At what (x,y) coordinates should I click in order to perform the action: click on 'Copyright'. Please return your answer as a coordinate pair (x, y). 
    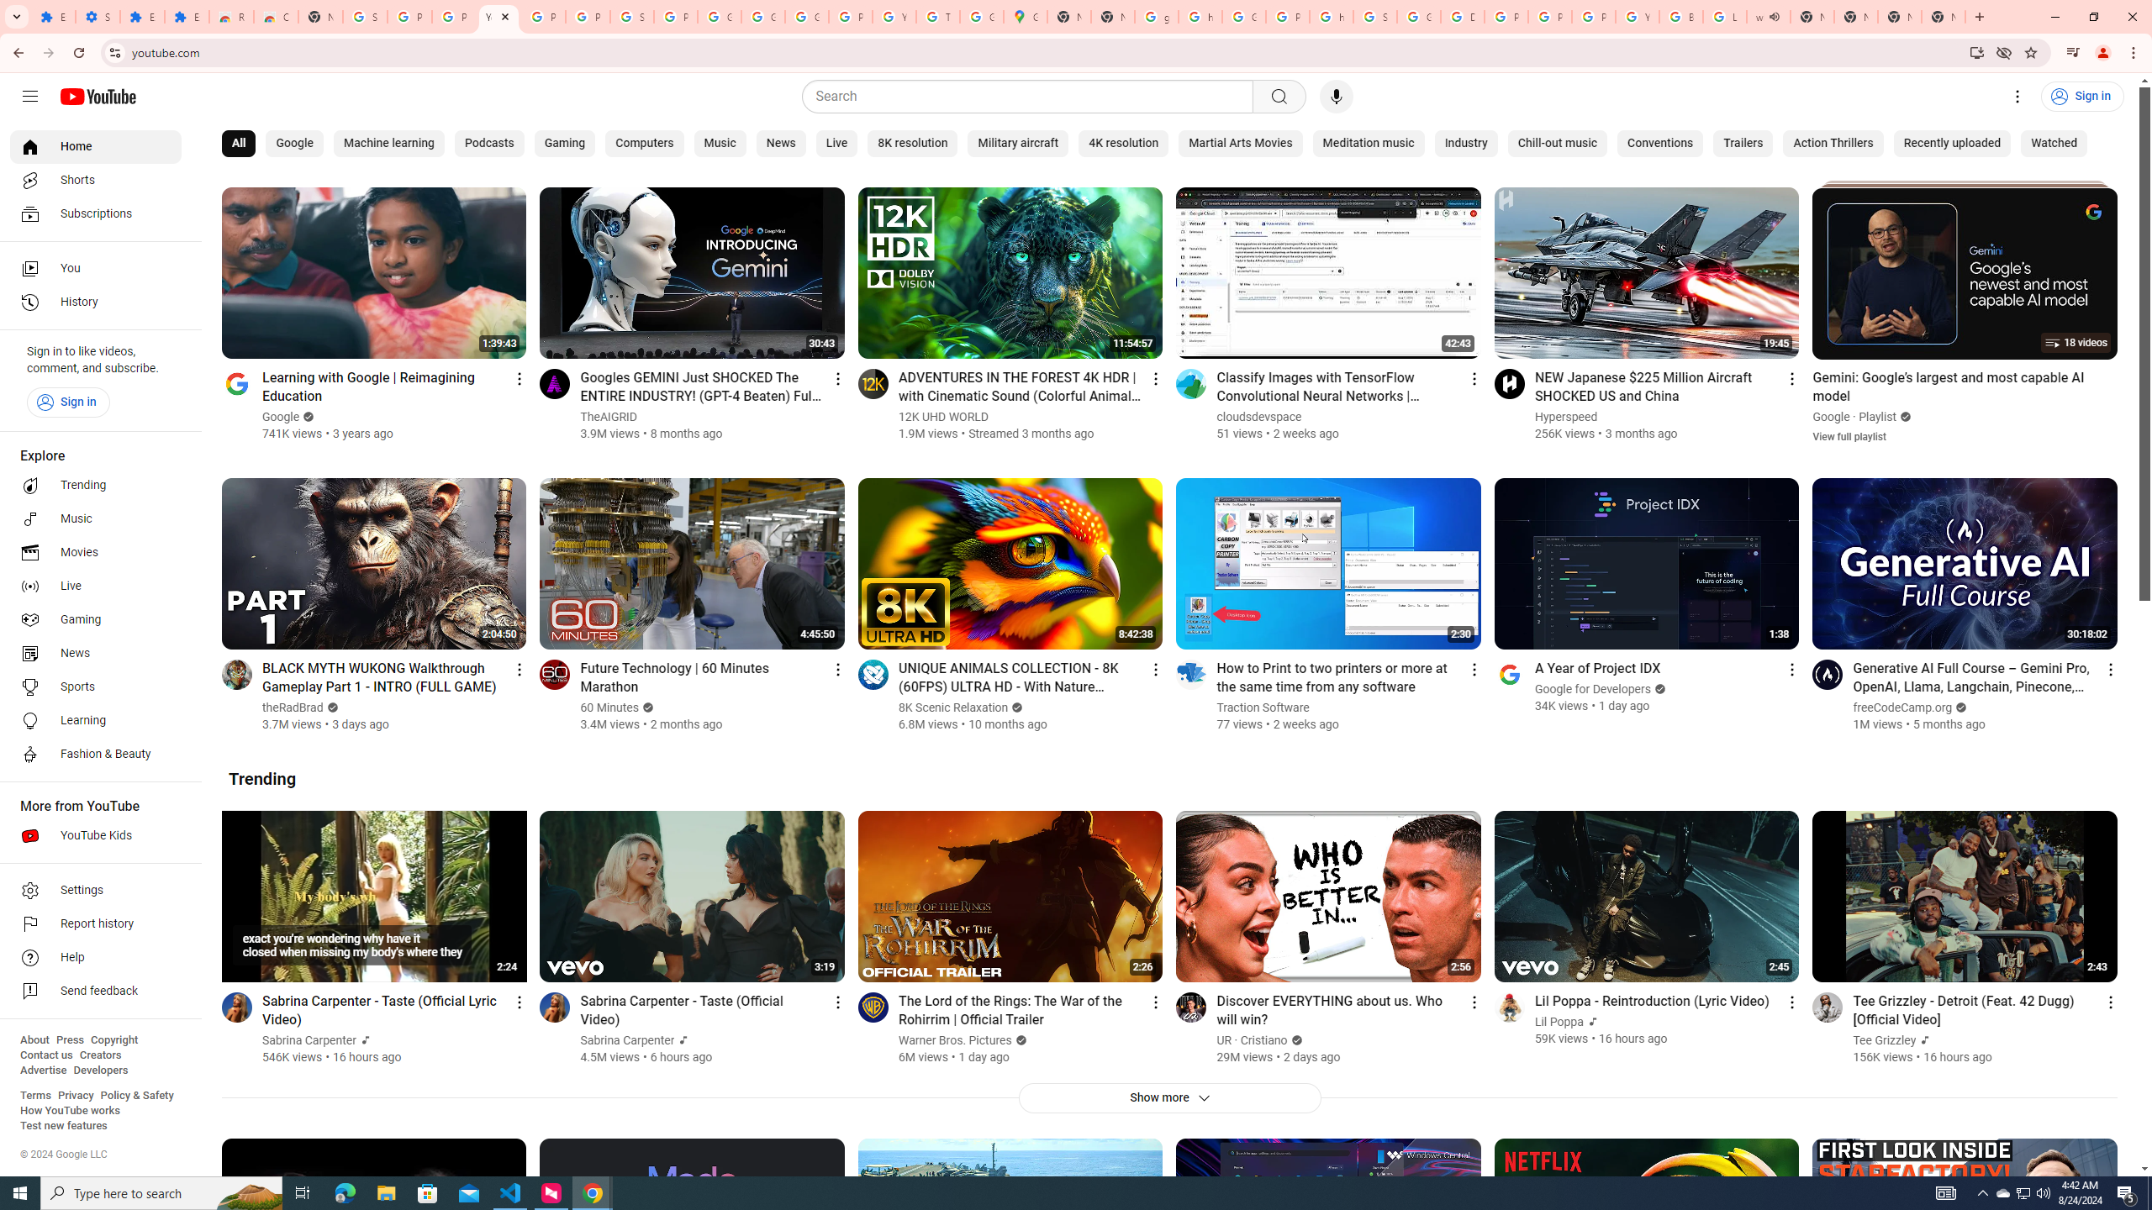
    Looking at the image, I should click on (113, 1039).